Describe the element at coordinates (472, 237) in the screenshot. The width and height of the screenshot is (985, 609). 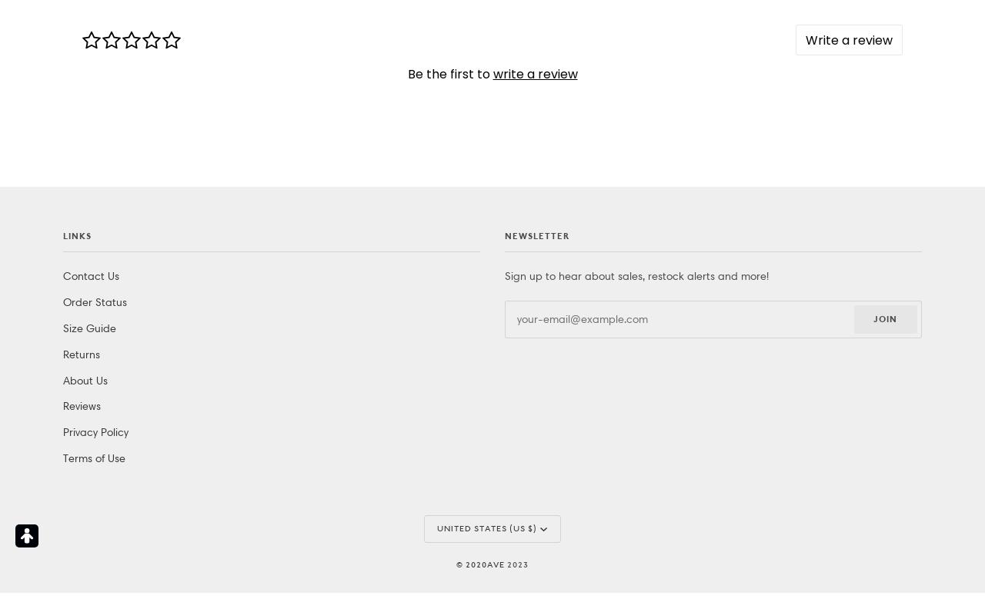
I see `'Armenia (AM $)'` at that location.